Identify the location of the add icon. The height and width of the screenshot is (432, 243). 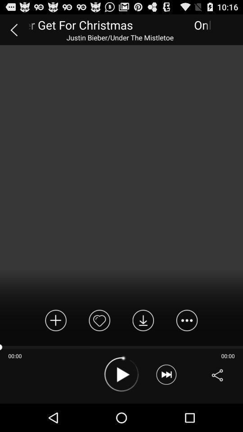
(56, 342).